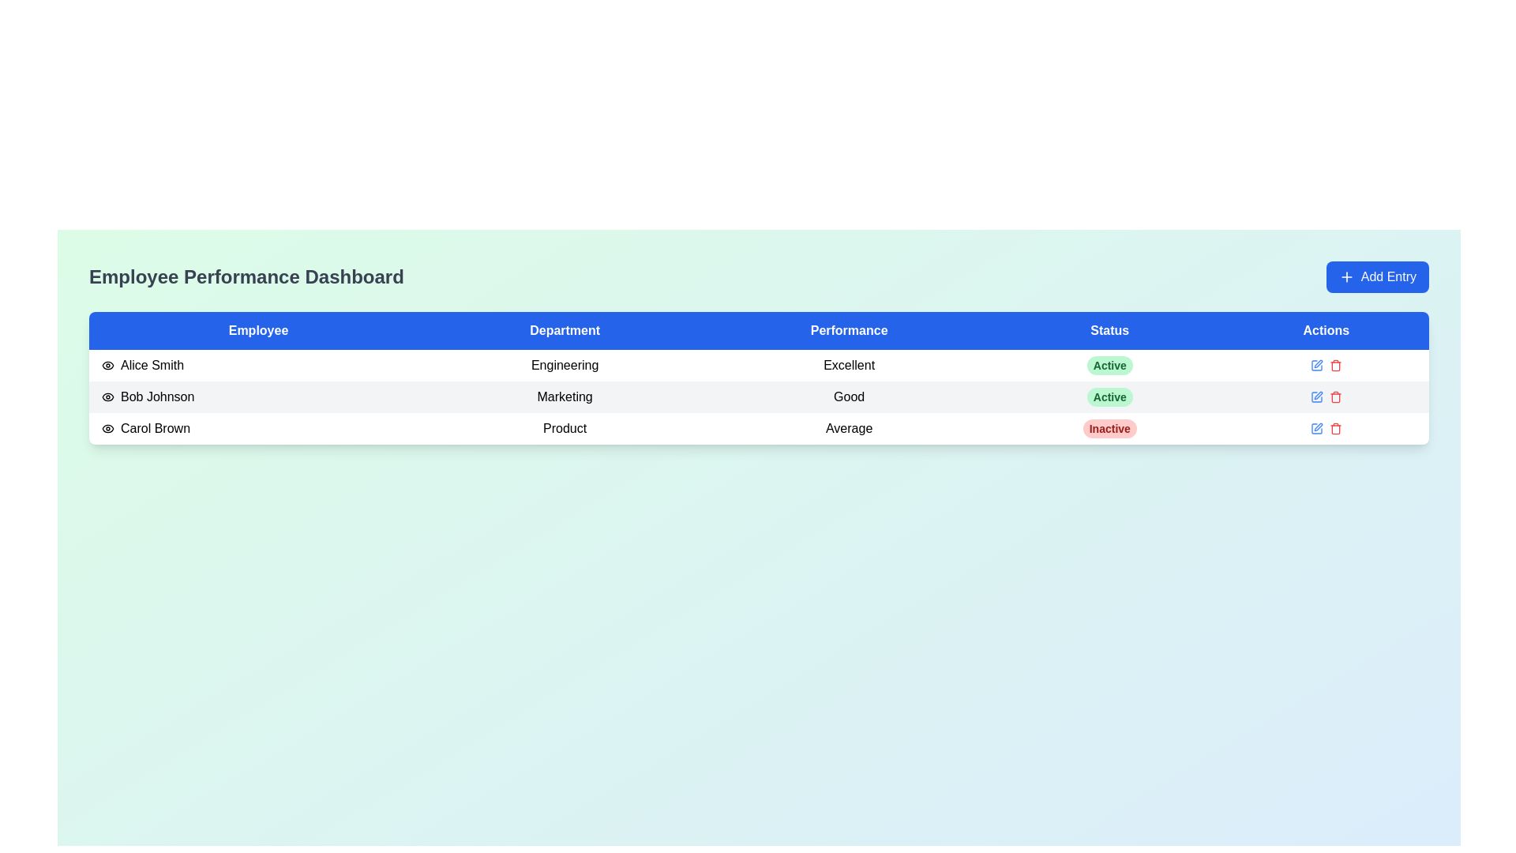  I want to click on the blue pencil icon in the 'Actions' column of the table for employee 'Alice Smith' to initiate editing, so click(1326, 365).